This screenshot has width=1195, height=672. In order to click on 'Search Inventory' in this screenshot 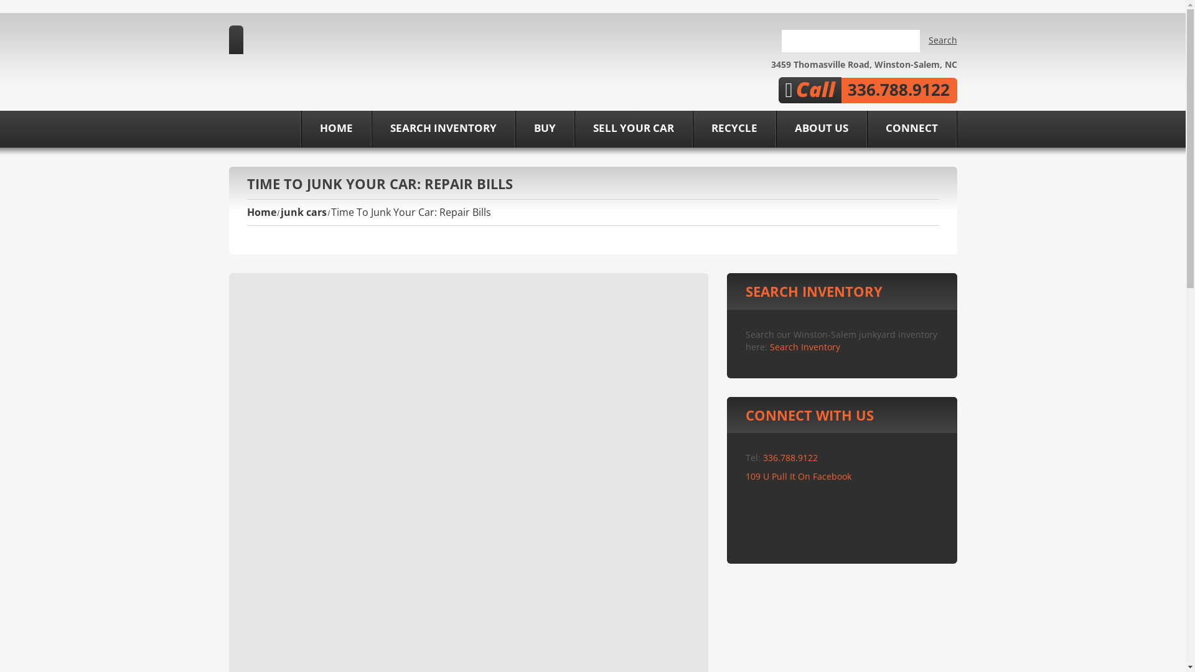, I will do `click(804, 347)`.